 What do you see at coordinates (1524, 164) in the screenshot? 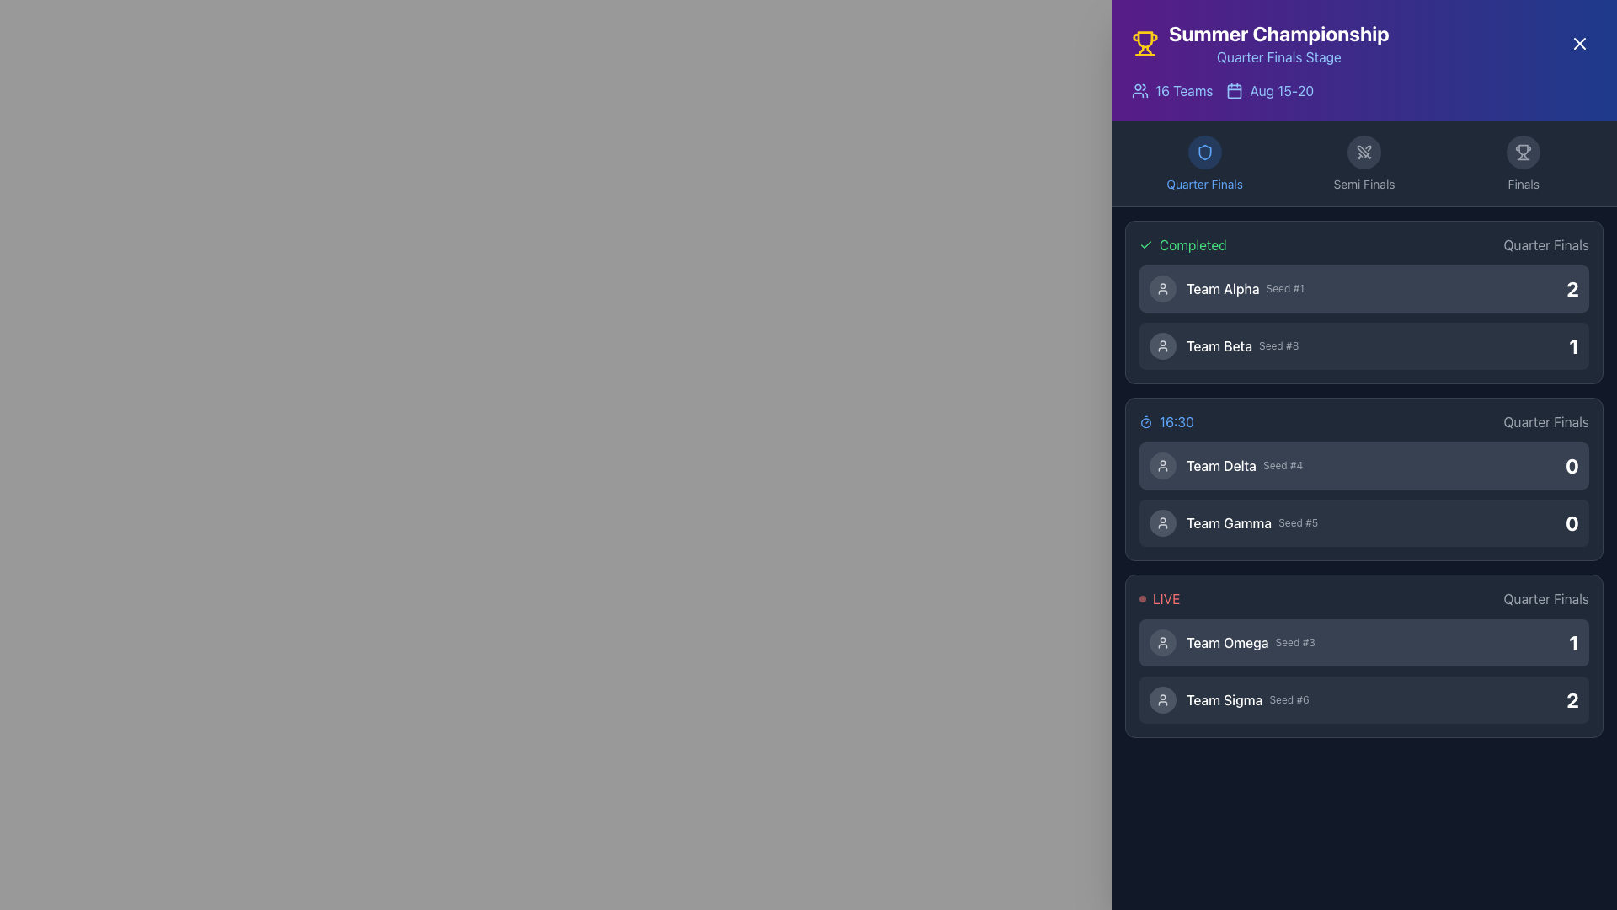
I see `the 'Finals' label, which is the third item in a horizontal group of options, located at the right edge of the interface, below the main title and header section` at bounding box center [1524, 164].